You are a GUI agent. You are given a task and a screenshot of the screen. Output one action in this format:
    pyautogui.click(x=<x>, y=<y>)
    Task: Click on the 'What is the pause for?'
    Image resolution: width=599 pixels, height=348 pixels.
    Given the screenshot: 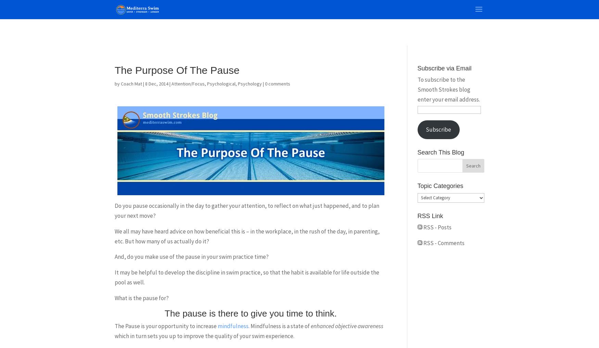 What is the action you would take?
    pyautogui.click(x=141, y=298)
    